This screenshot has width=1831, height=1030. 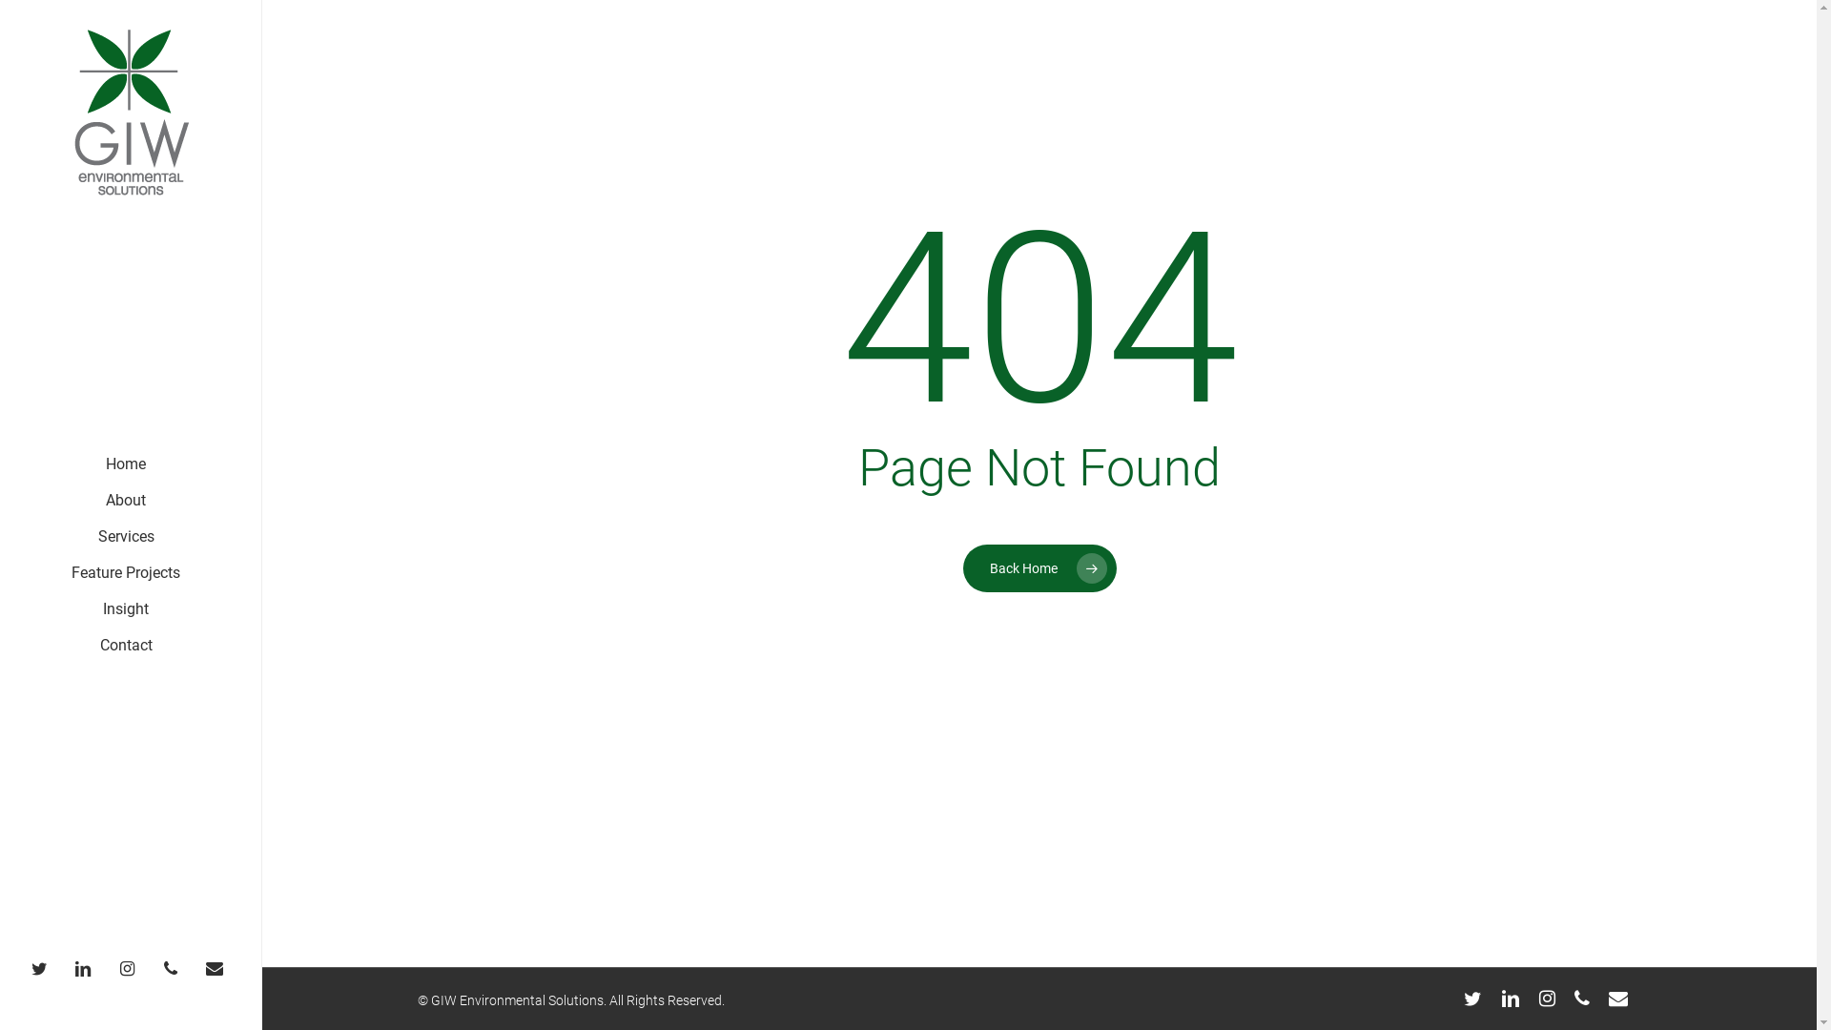 What do you see at coordinates (86, 967) in the screenshot?
I see `'linkedin'` at bounding box center [86, 967].